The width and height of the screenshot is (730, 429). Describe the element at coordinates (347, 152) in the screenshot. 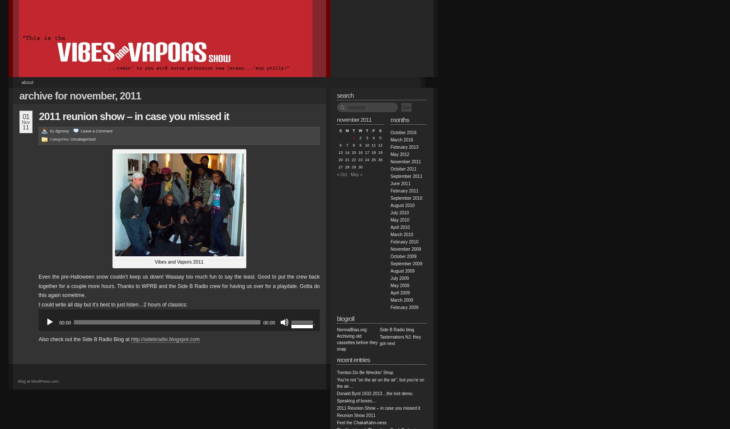

I see `'14'` at that location.